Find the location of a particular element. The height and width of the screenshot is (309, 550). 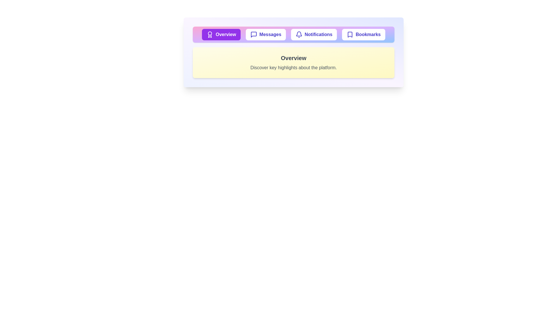

the tab labeled Messages is located at coordinates (265, 34).